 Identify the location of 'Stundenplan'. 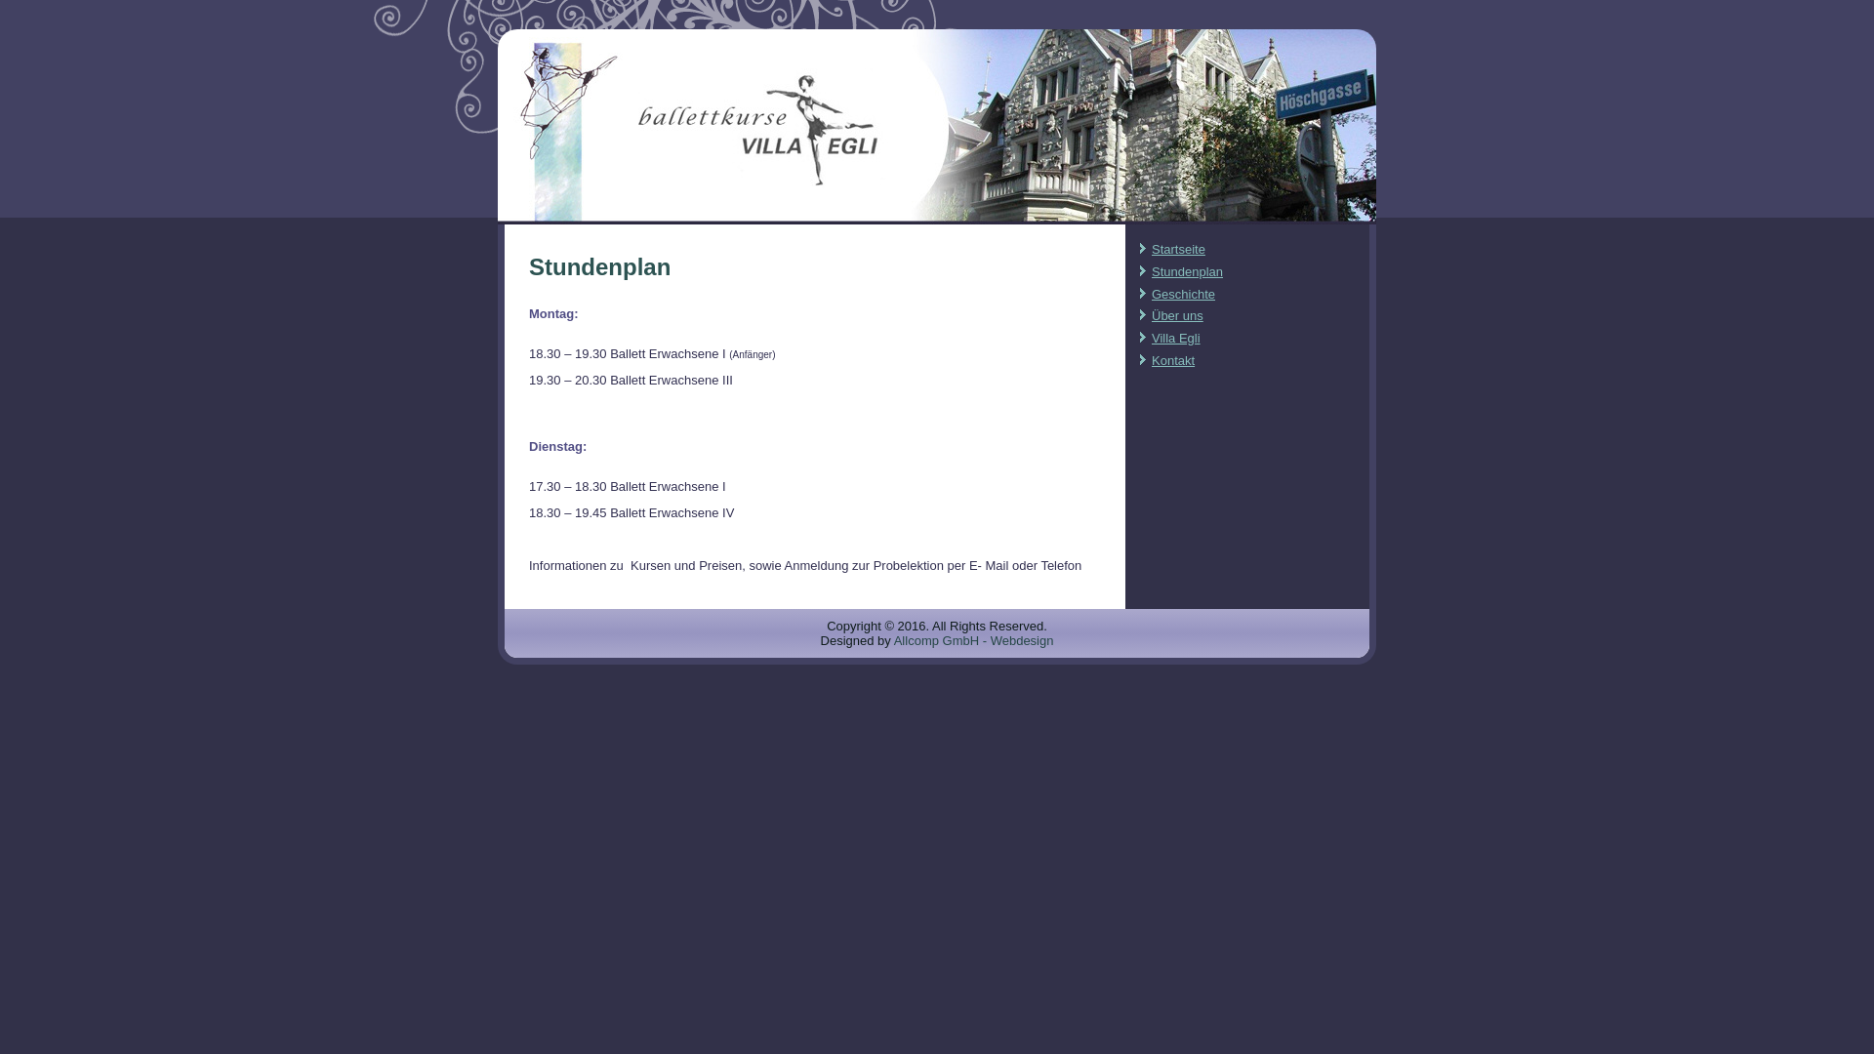
(1186, 271).